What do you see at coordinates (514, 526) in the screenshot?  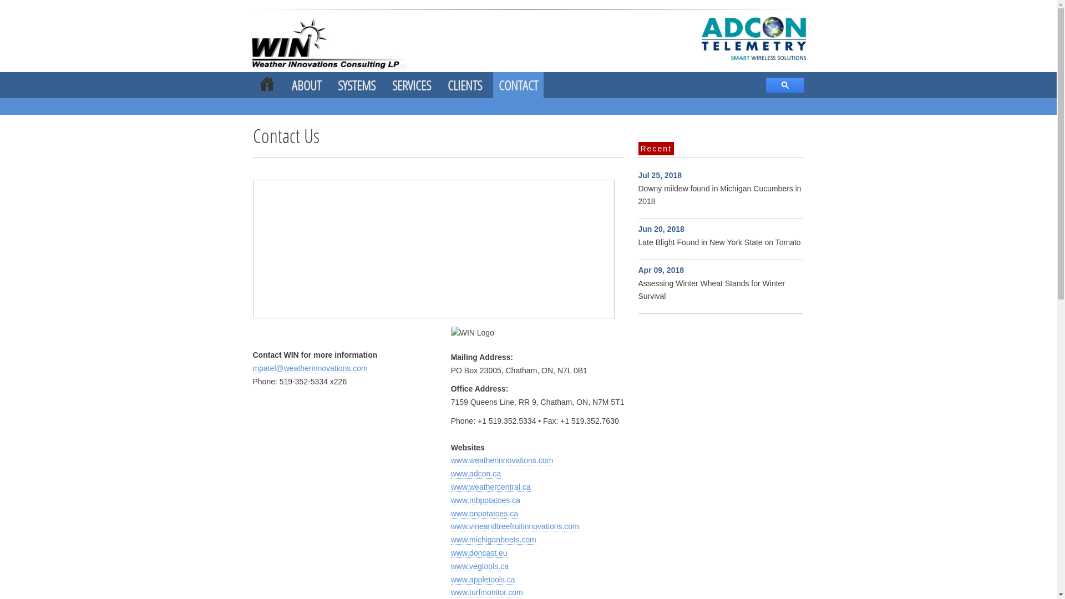 I see `'www.vineandtreefruitinnovations.com'` at bounding box center [514, 526].